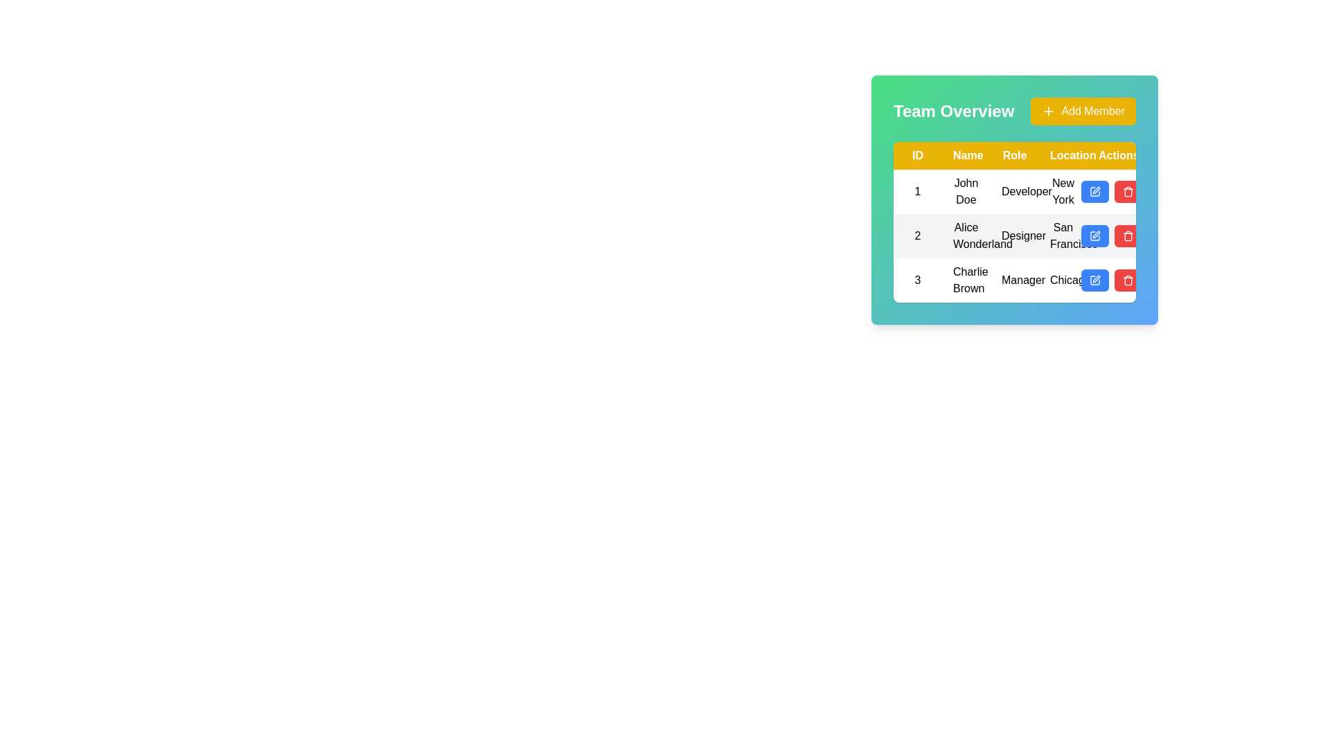 This screenshot has width=1330, height=748. I want to click on the empty table cell or spacer located in the 'Actions' column of the first row for the entry 'John Doe, Developer, New York', which is positioned between the blue edit button and the red delete button, so click(1111, 192).